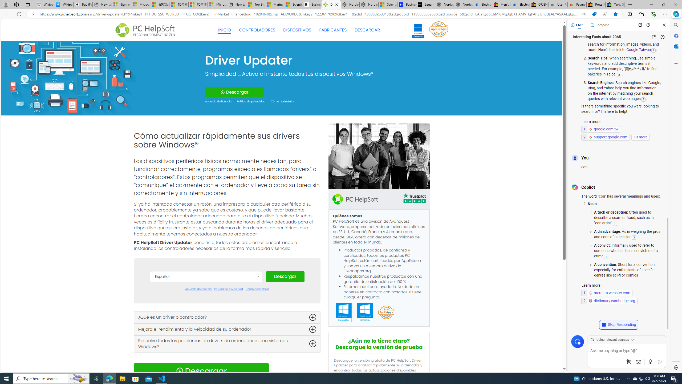 The width and height of the screenshot is (682, 384). What do you see at coordinates (257, 30) in the screenshot?
I see `'CONTROLADORES'` at bounding box center [257, 30].